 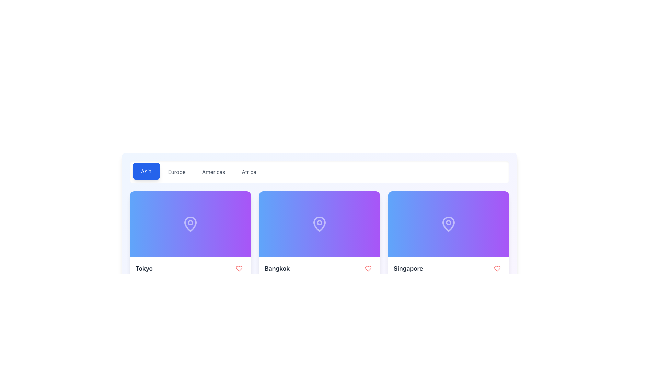 I want to click on the inner circle of the graphical pin in the second card labeled 'Bangkok' to enhance the appearance of the map marker, so click(x=319, y=223).